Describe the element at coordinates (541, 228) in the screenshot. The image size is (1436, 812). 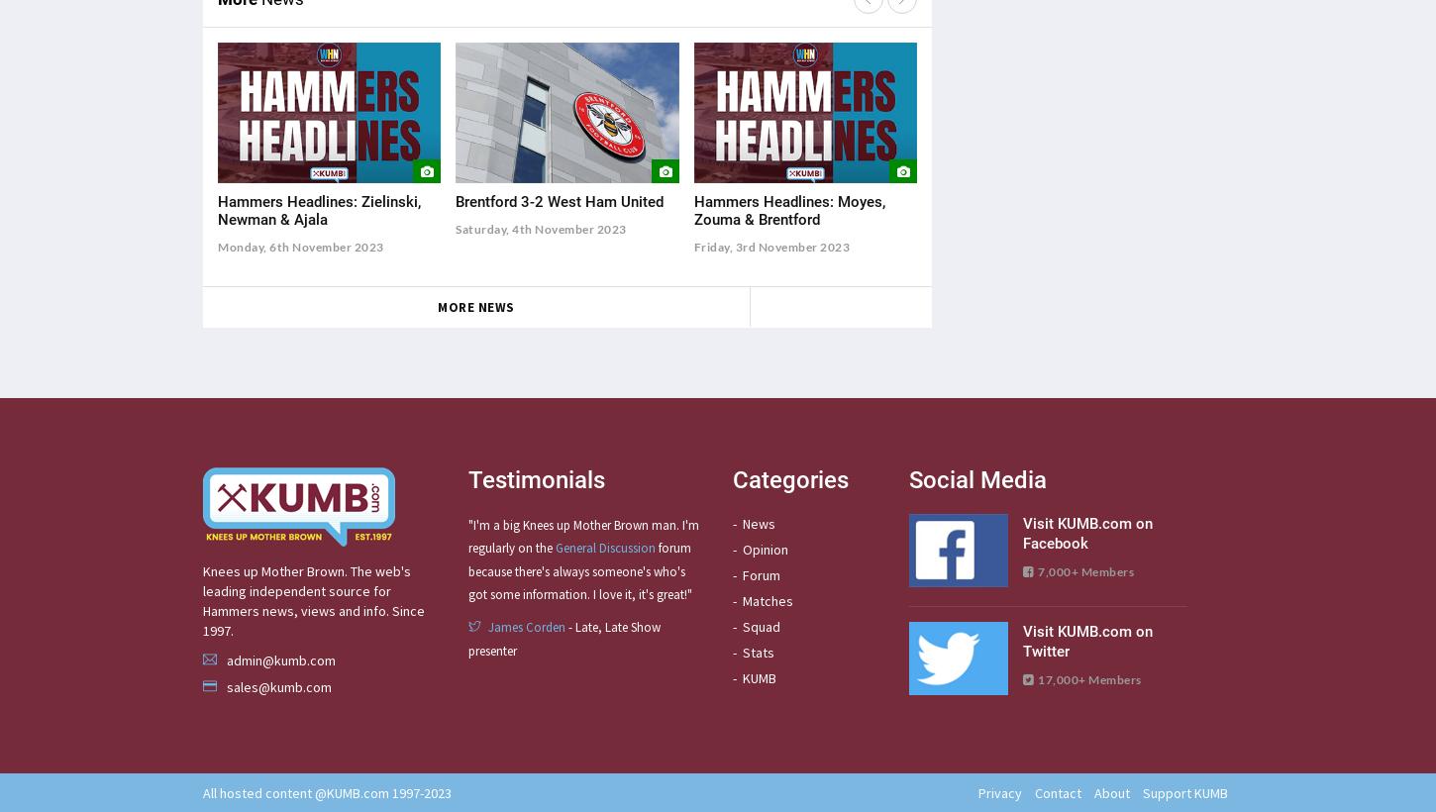
I see `'Saturday, 4th November 2023'` at that location.